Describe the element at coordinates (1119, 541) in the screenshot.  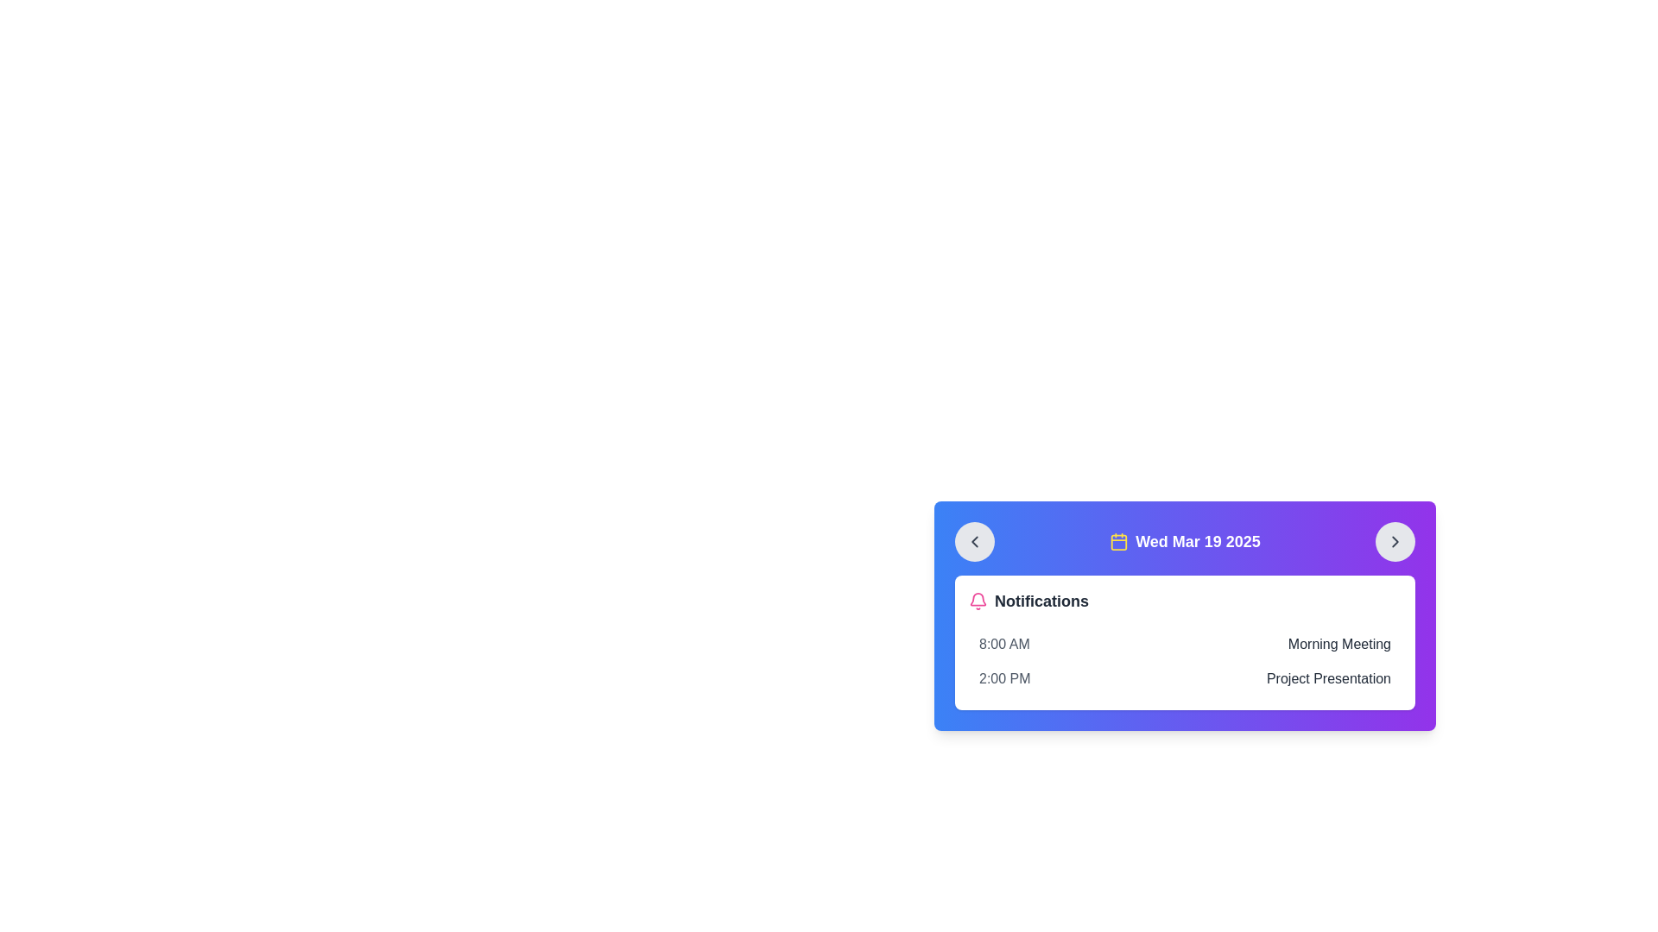
I see `the calendar icon component within the SVG structure that is aligned near the center of the top purple bar, adjacent to the date text 'Wed Mar 19 2025'` at that location.